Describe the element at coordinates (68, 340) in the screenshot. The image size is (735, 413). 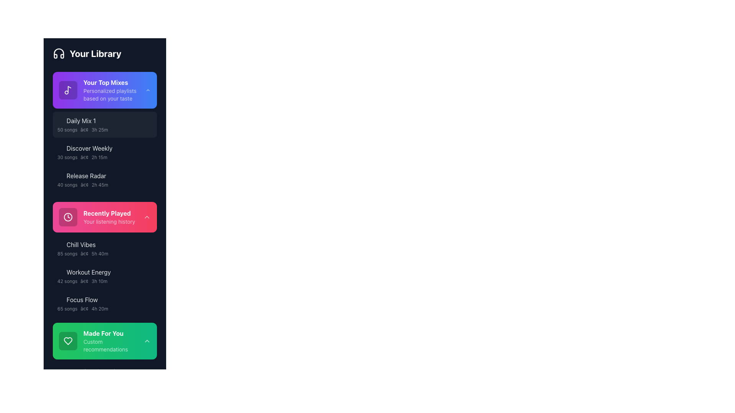
I see `assistive technology` at that location.